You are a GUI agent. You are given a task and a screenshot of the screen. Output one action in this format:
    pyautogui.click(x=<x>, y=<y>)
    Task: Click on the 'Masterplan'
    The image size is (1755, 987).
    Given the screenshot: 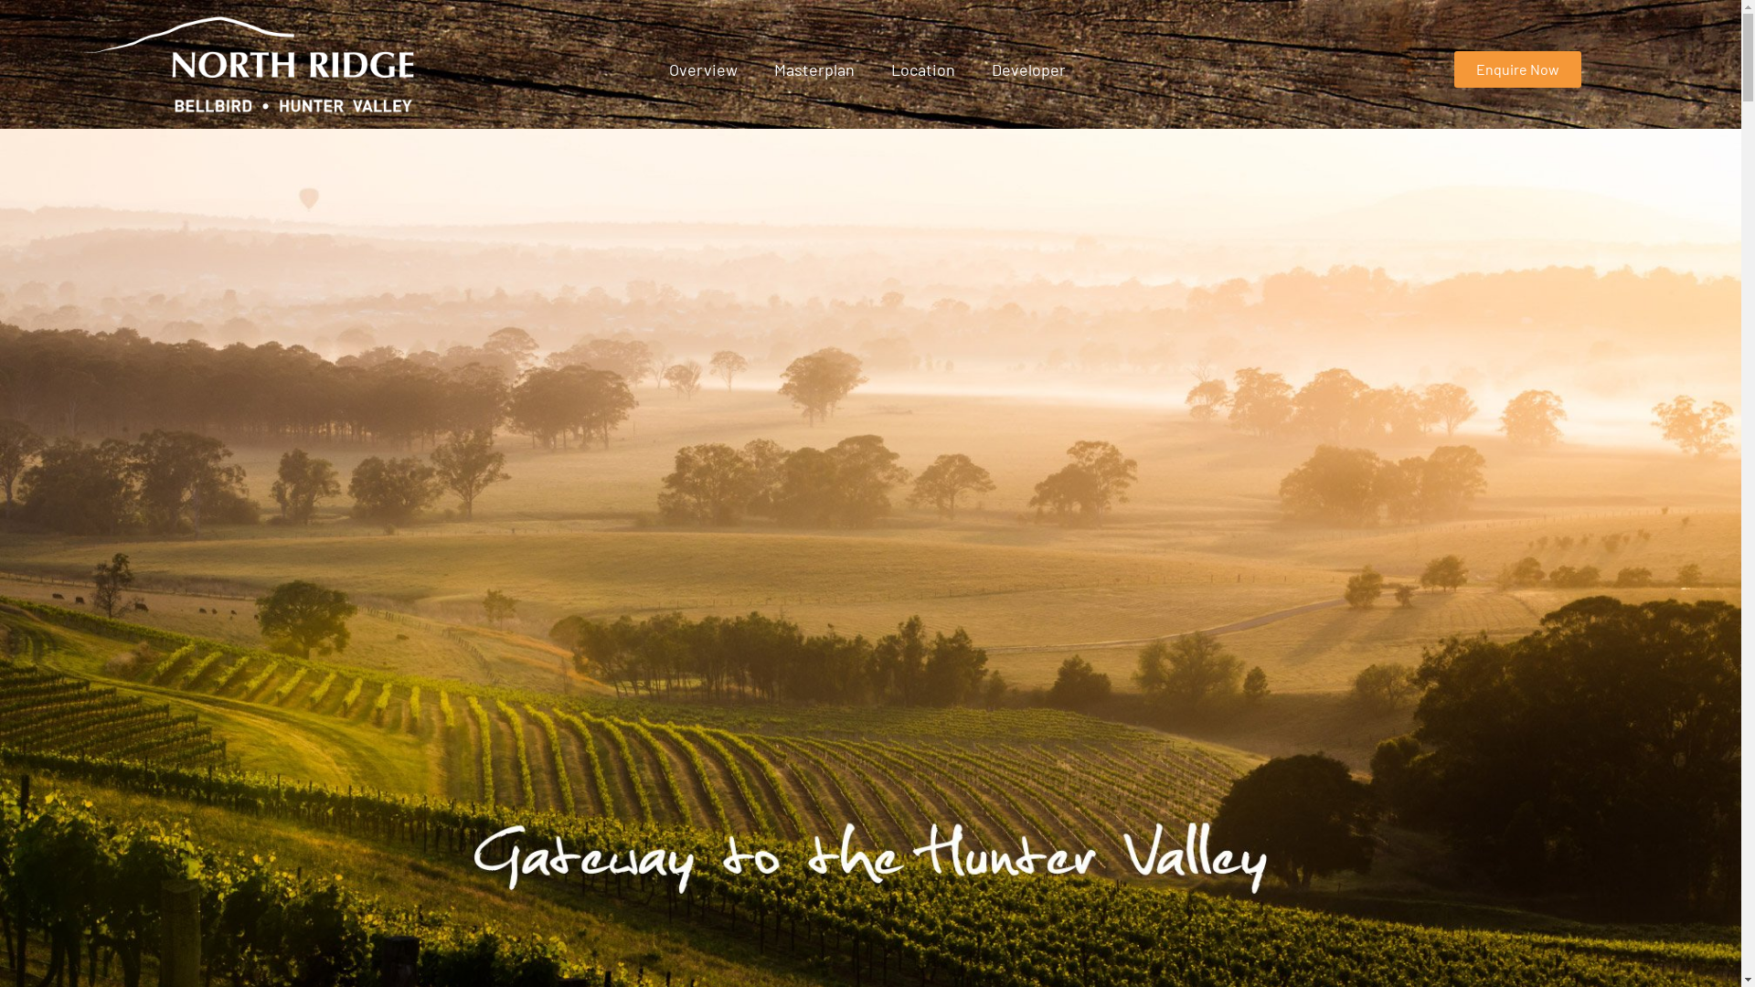 What is the action you would take?
    pyautogui.click(x=814, y=69)
    